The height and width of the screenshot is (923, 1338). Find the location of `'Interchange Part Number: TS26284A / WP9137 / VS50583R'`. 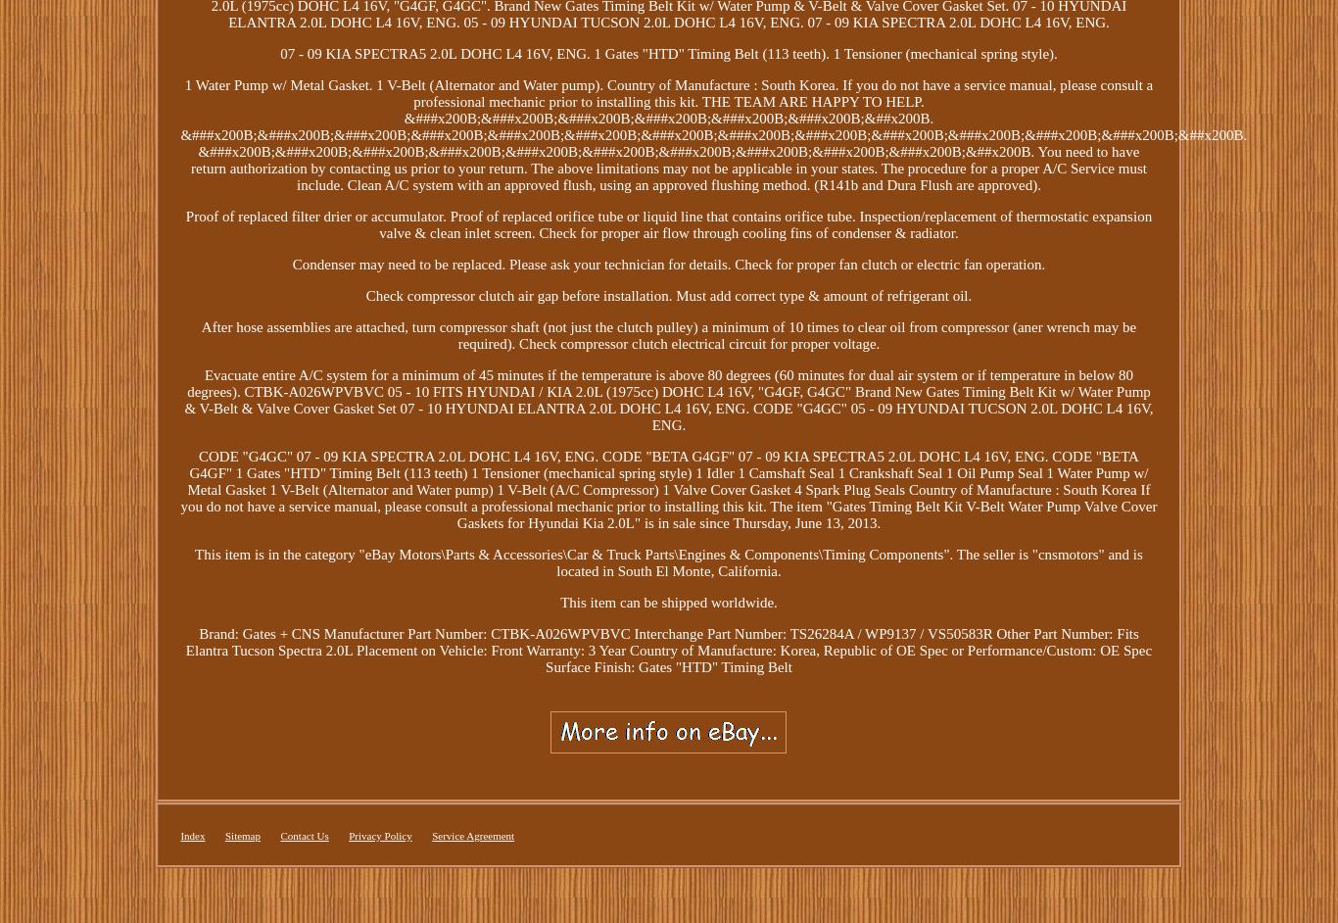

'Interchange Part Number: TS26284A / WP9137 / VS50583R' is located at coordinates (632, 632).